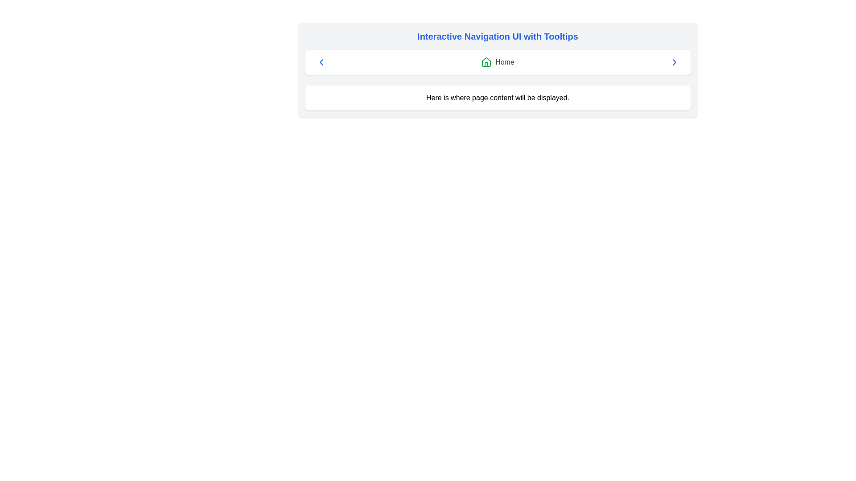 This screenshot has width=856, height=481. I want to click on the blue right arrow icon within the 'Next' button, so click(674, 61).